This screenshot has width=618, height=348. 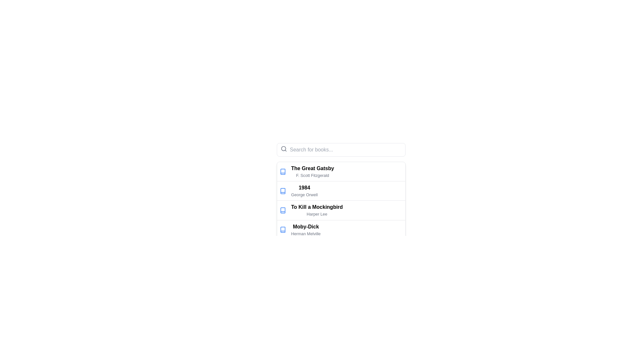 I want to click on the list item displaying the book title 'Moby-Dick' by 'Herman Melville', so click(x=341, y=229).